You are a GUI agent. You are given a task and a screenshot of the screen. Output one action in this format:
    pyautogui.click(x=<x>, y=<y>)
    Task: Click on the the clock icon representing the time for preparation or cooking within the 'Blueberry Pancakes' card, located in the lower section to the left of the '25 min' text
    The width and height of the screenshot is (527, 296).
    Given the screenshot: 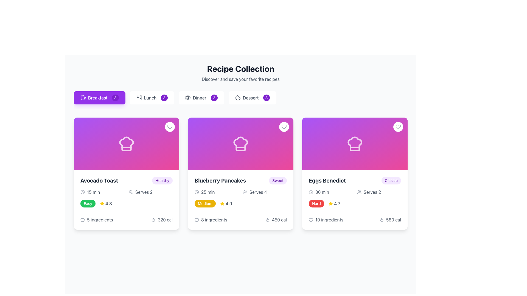 What is the action you would take?
    pyautogui.click(x=197, y=192)
    